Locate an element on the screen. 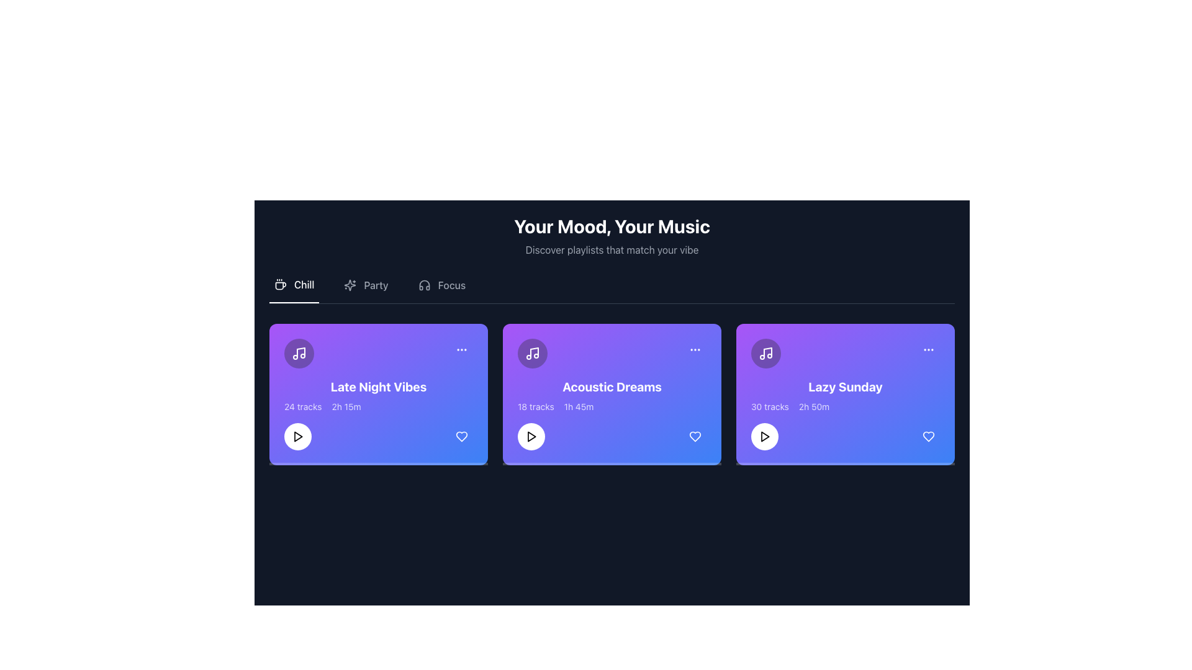  the play icon button, which is a triangle within a circular button located in the action bar of the second card under the 'Chill' tab section is located at coordinates (531, 436).